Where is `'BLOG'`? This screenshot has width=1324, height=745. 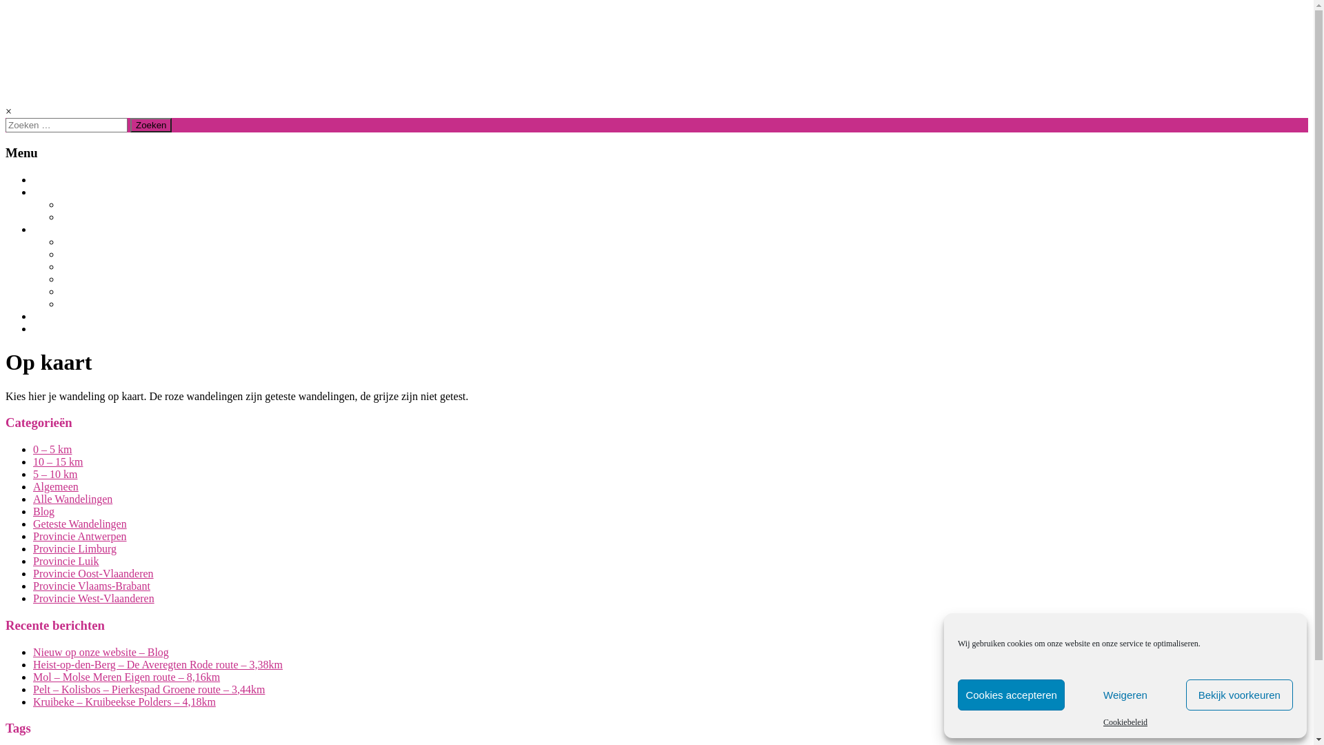
'BLOG' is located at coordinates (46, 179).